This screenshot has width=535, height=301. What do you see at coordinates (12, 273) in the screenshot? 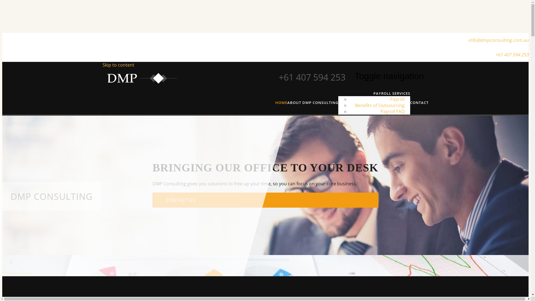
I see `'Previous'` at bounding box center [12, 273].